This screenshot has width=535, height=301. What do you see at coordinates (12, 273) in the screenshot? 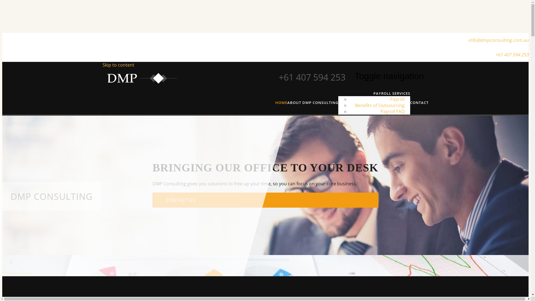
I see `'Previous'` at bounding box center [12, 273].